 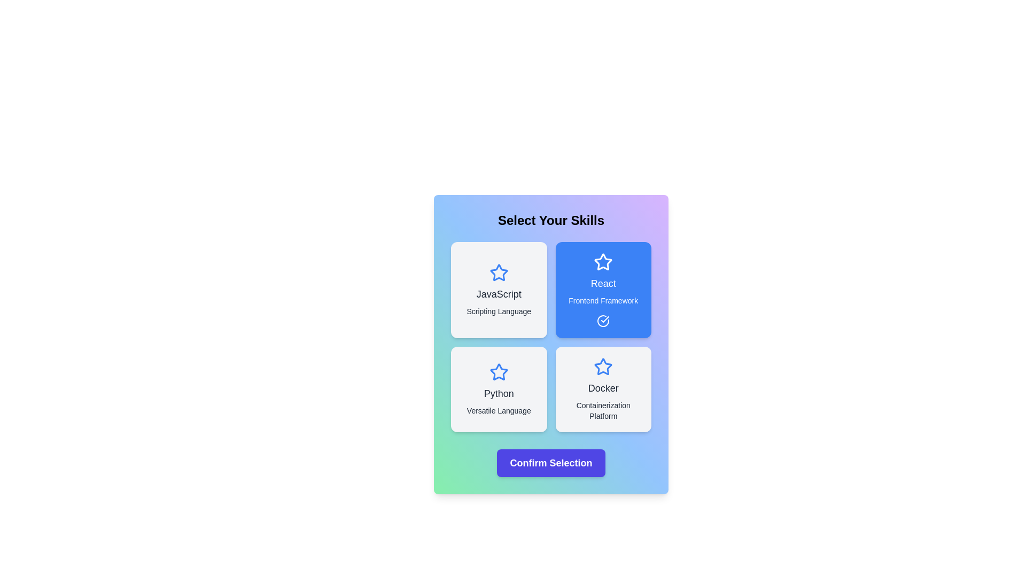 What do you see at coordinates (603, 389) in the screenshot?
I see `the skill card labeled Docker` at bounding box center [603, 389].